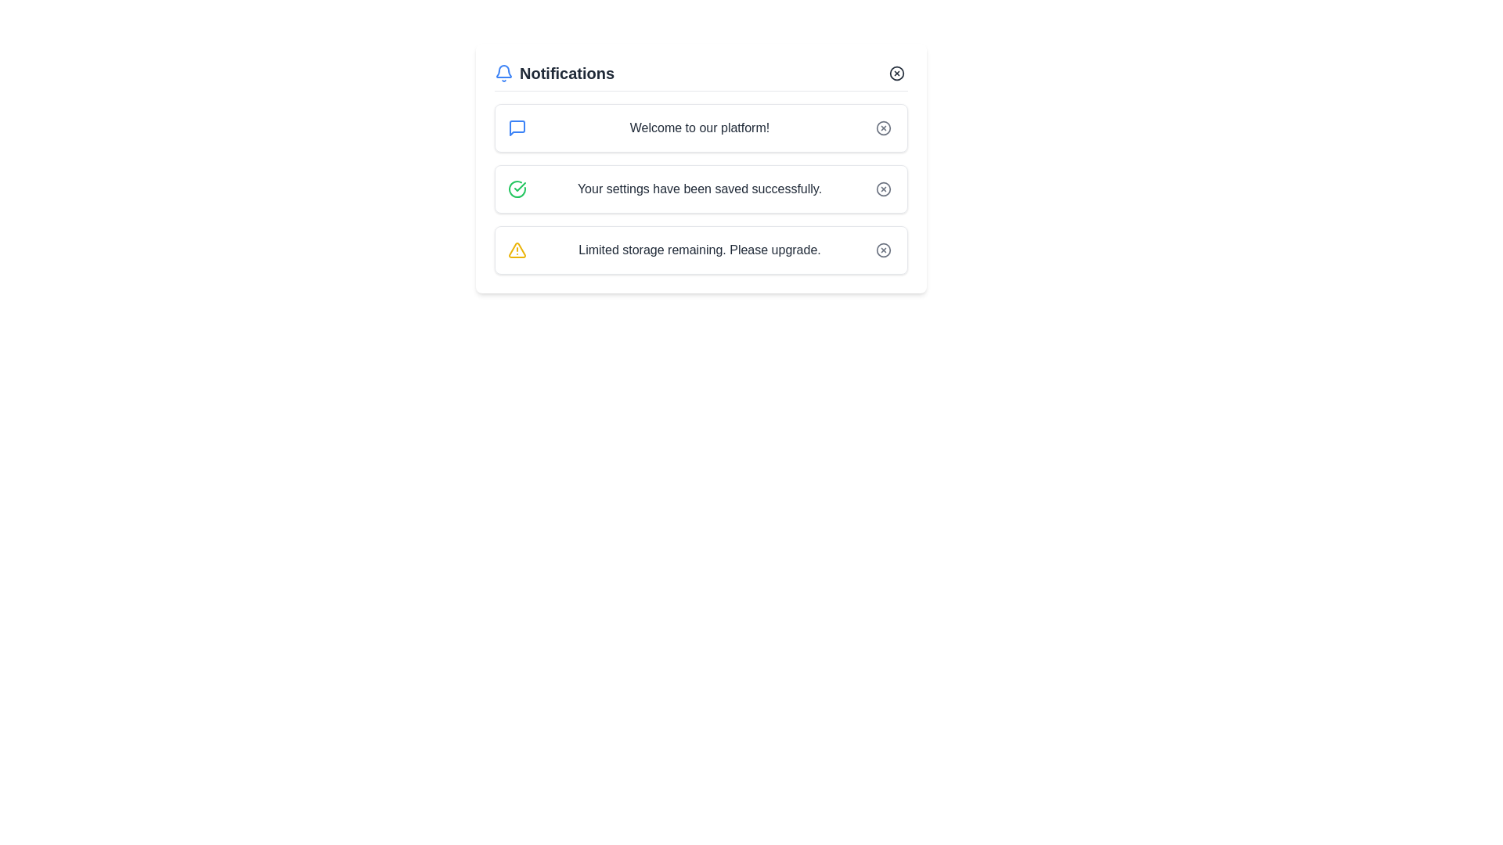 Image resolution: width=1503 pixels, height=845 pixels. I want to click on the decorative confirmation symbol within the second notification item, which indicates a successful operation, so click(520, 186).